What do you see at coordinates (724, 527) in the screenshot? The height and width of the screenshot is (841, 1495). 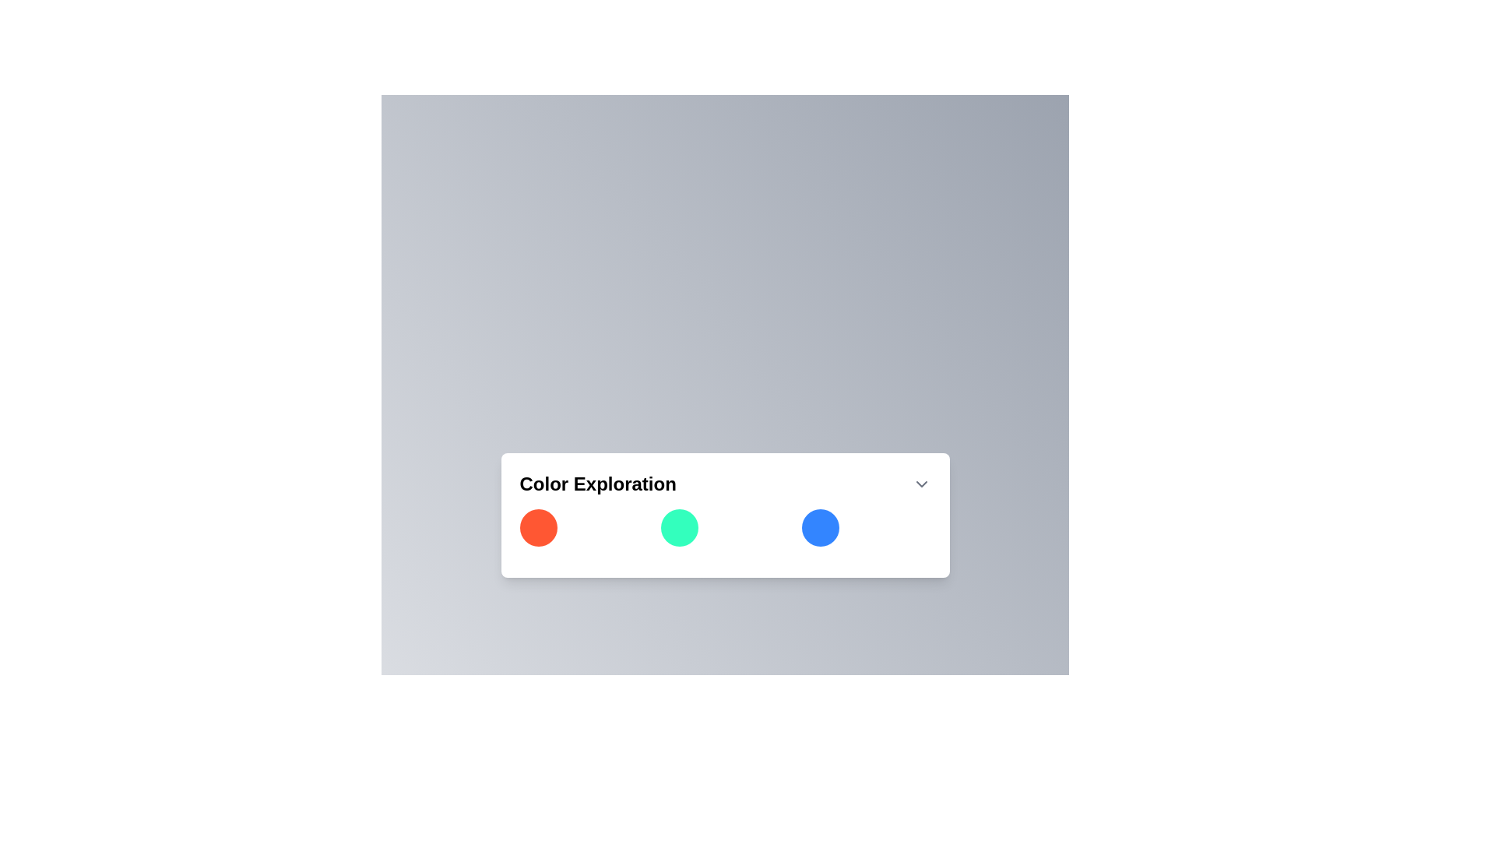 I see `the color palette component consisting of three circular elements (red, teal, blue)` at bounding box center [724, 527].